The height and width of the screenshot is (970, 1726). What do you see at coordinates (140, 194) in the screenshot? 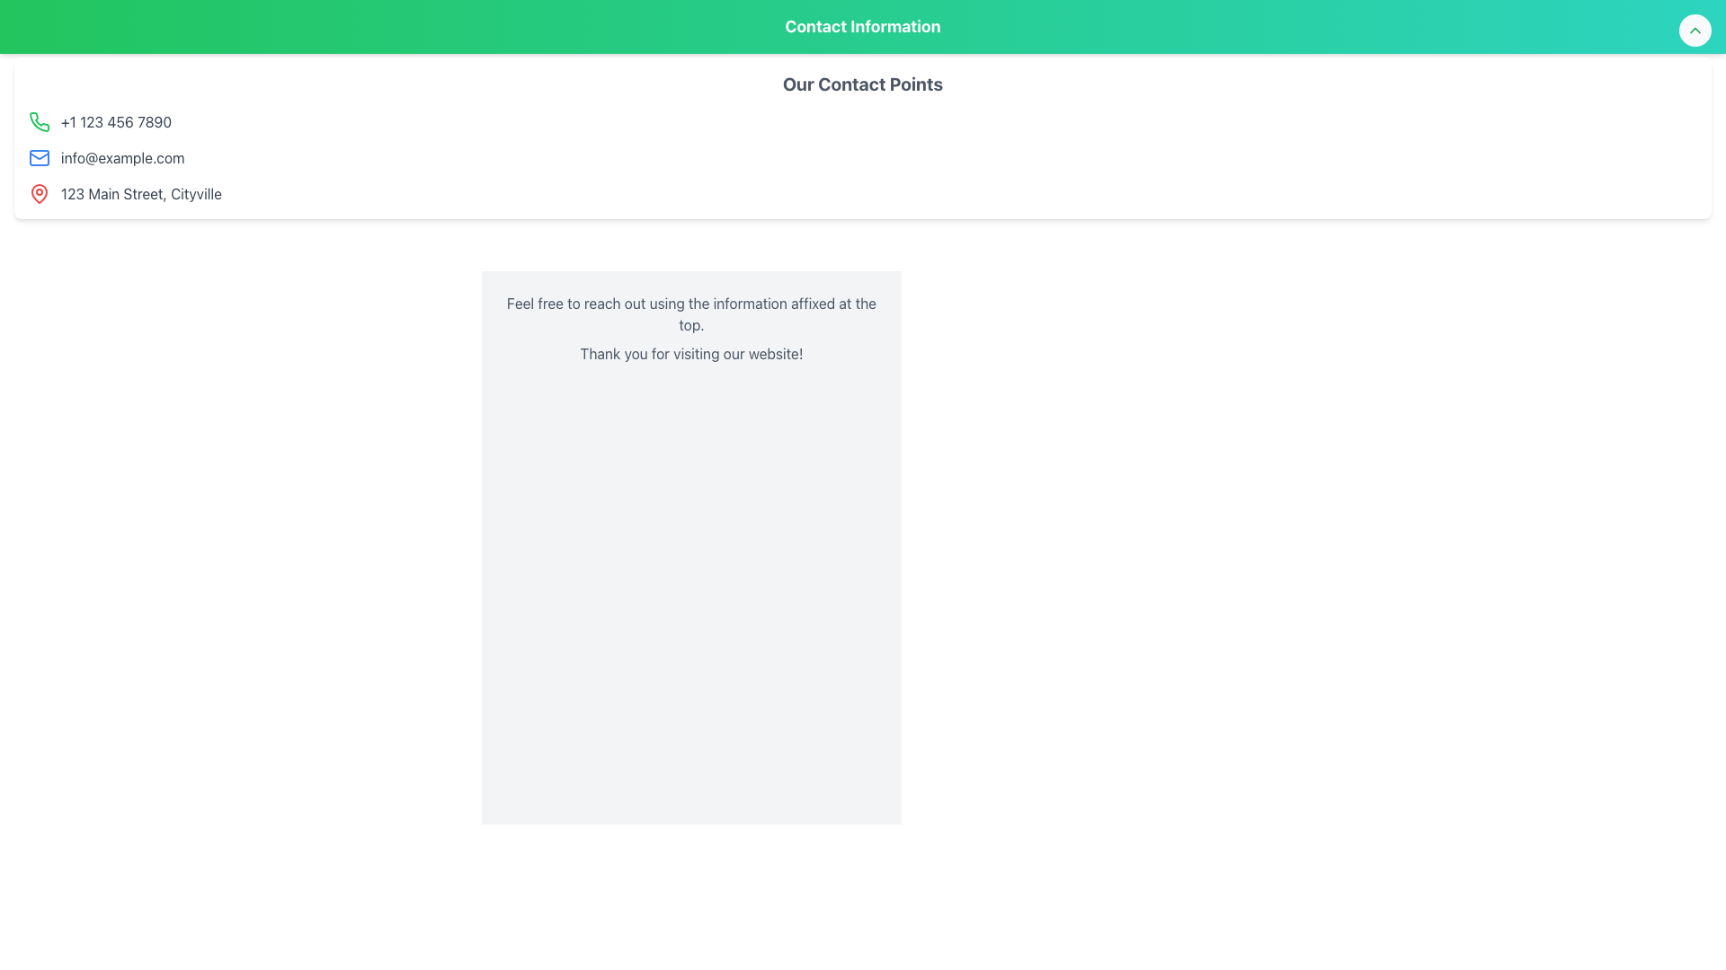
I see `the text '123 Main Street, Cityville' which is displayed in grey color as part of a contact details section, positioned next to a red map pin icon` at bounding box center [140, 194].